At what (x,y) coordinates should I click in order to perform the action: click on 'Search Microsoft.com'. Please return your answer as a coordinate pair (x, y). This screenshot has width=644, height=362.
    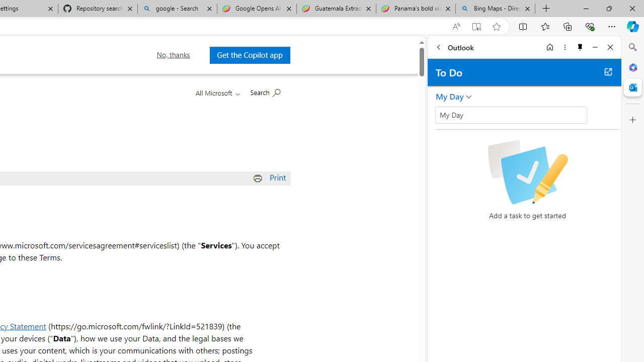
    Looking at the image, I should click on (265, 92).